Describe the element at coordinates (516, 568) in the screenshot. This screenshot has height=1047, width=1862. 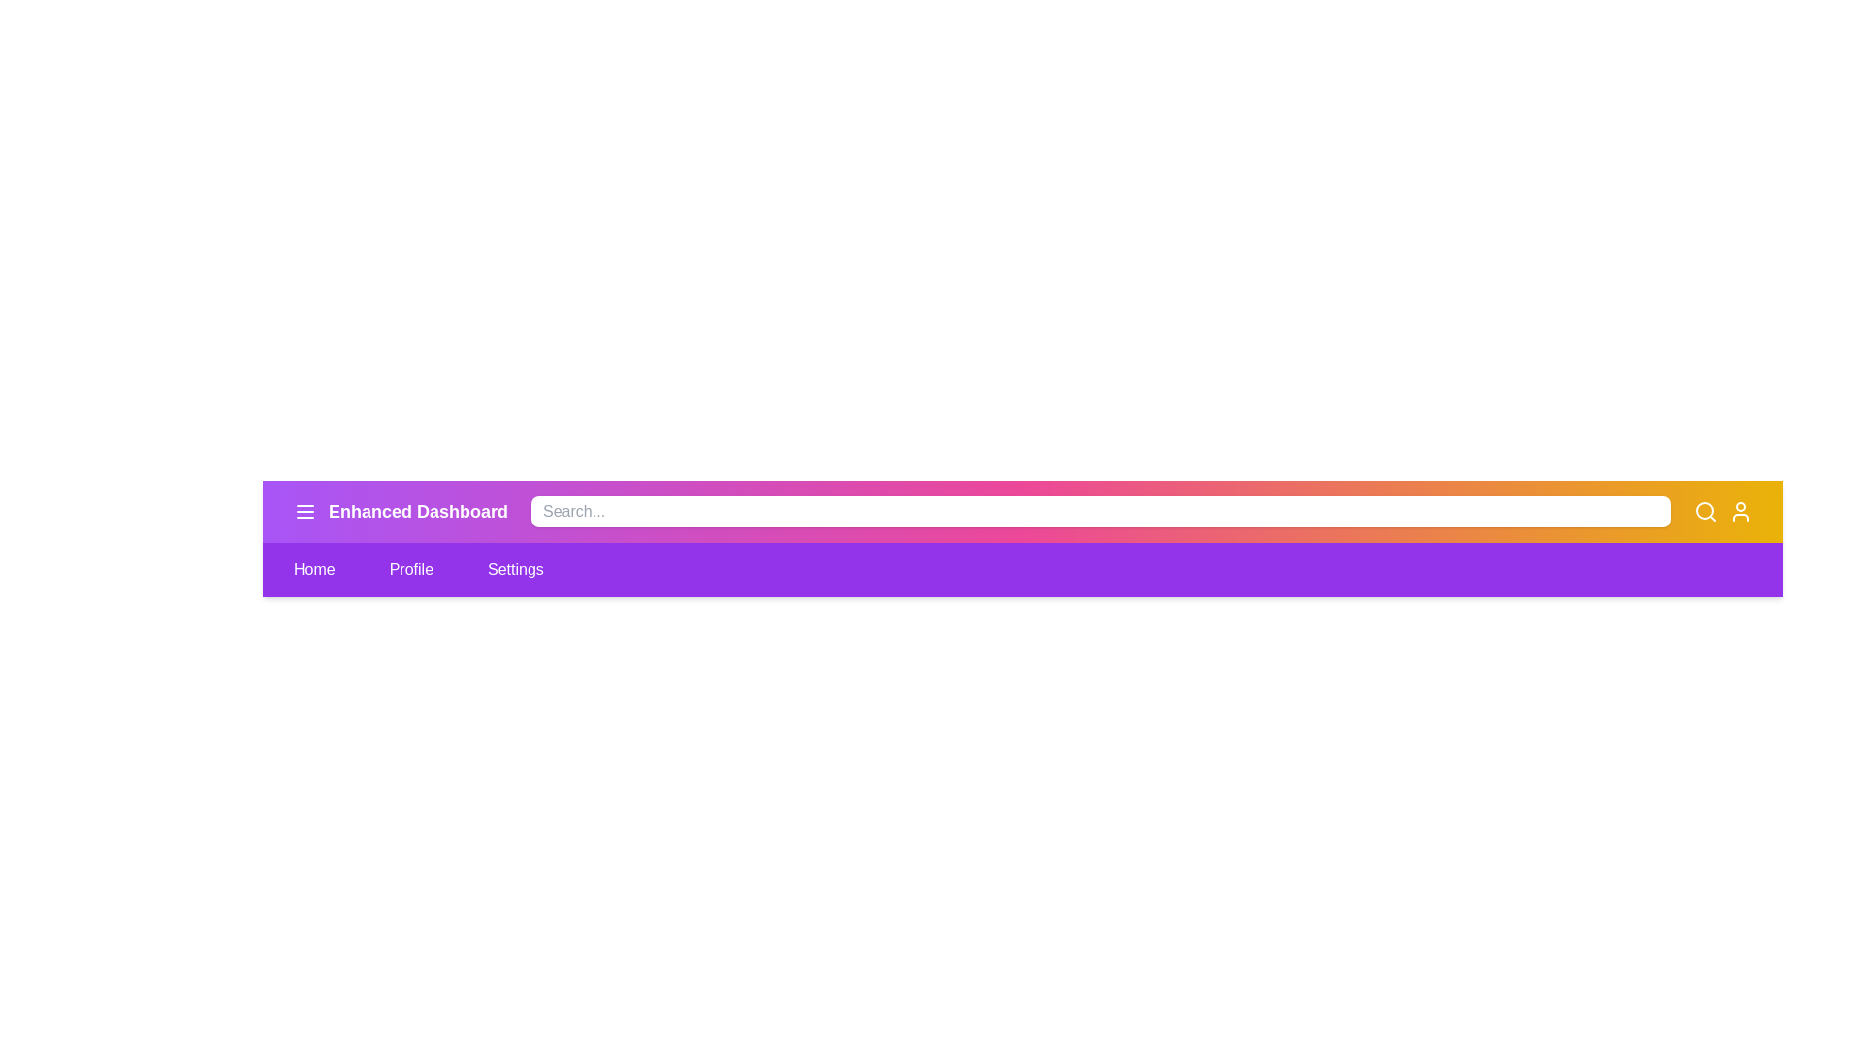
I see `the Settings menu item to navigate to the corresponding section` at that location.